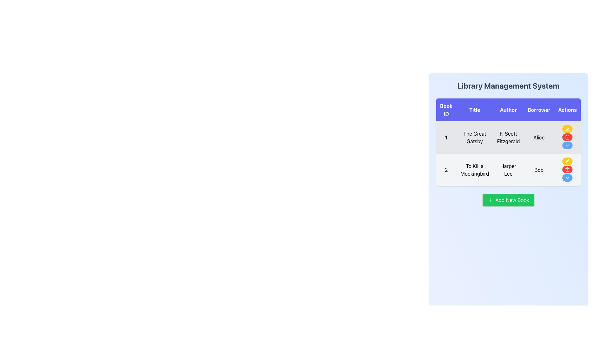 The image size is (610, 343). I want to click on the fountain pen icon in the Actions column of the second row in the library management system table, so click(567, 129).